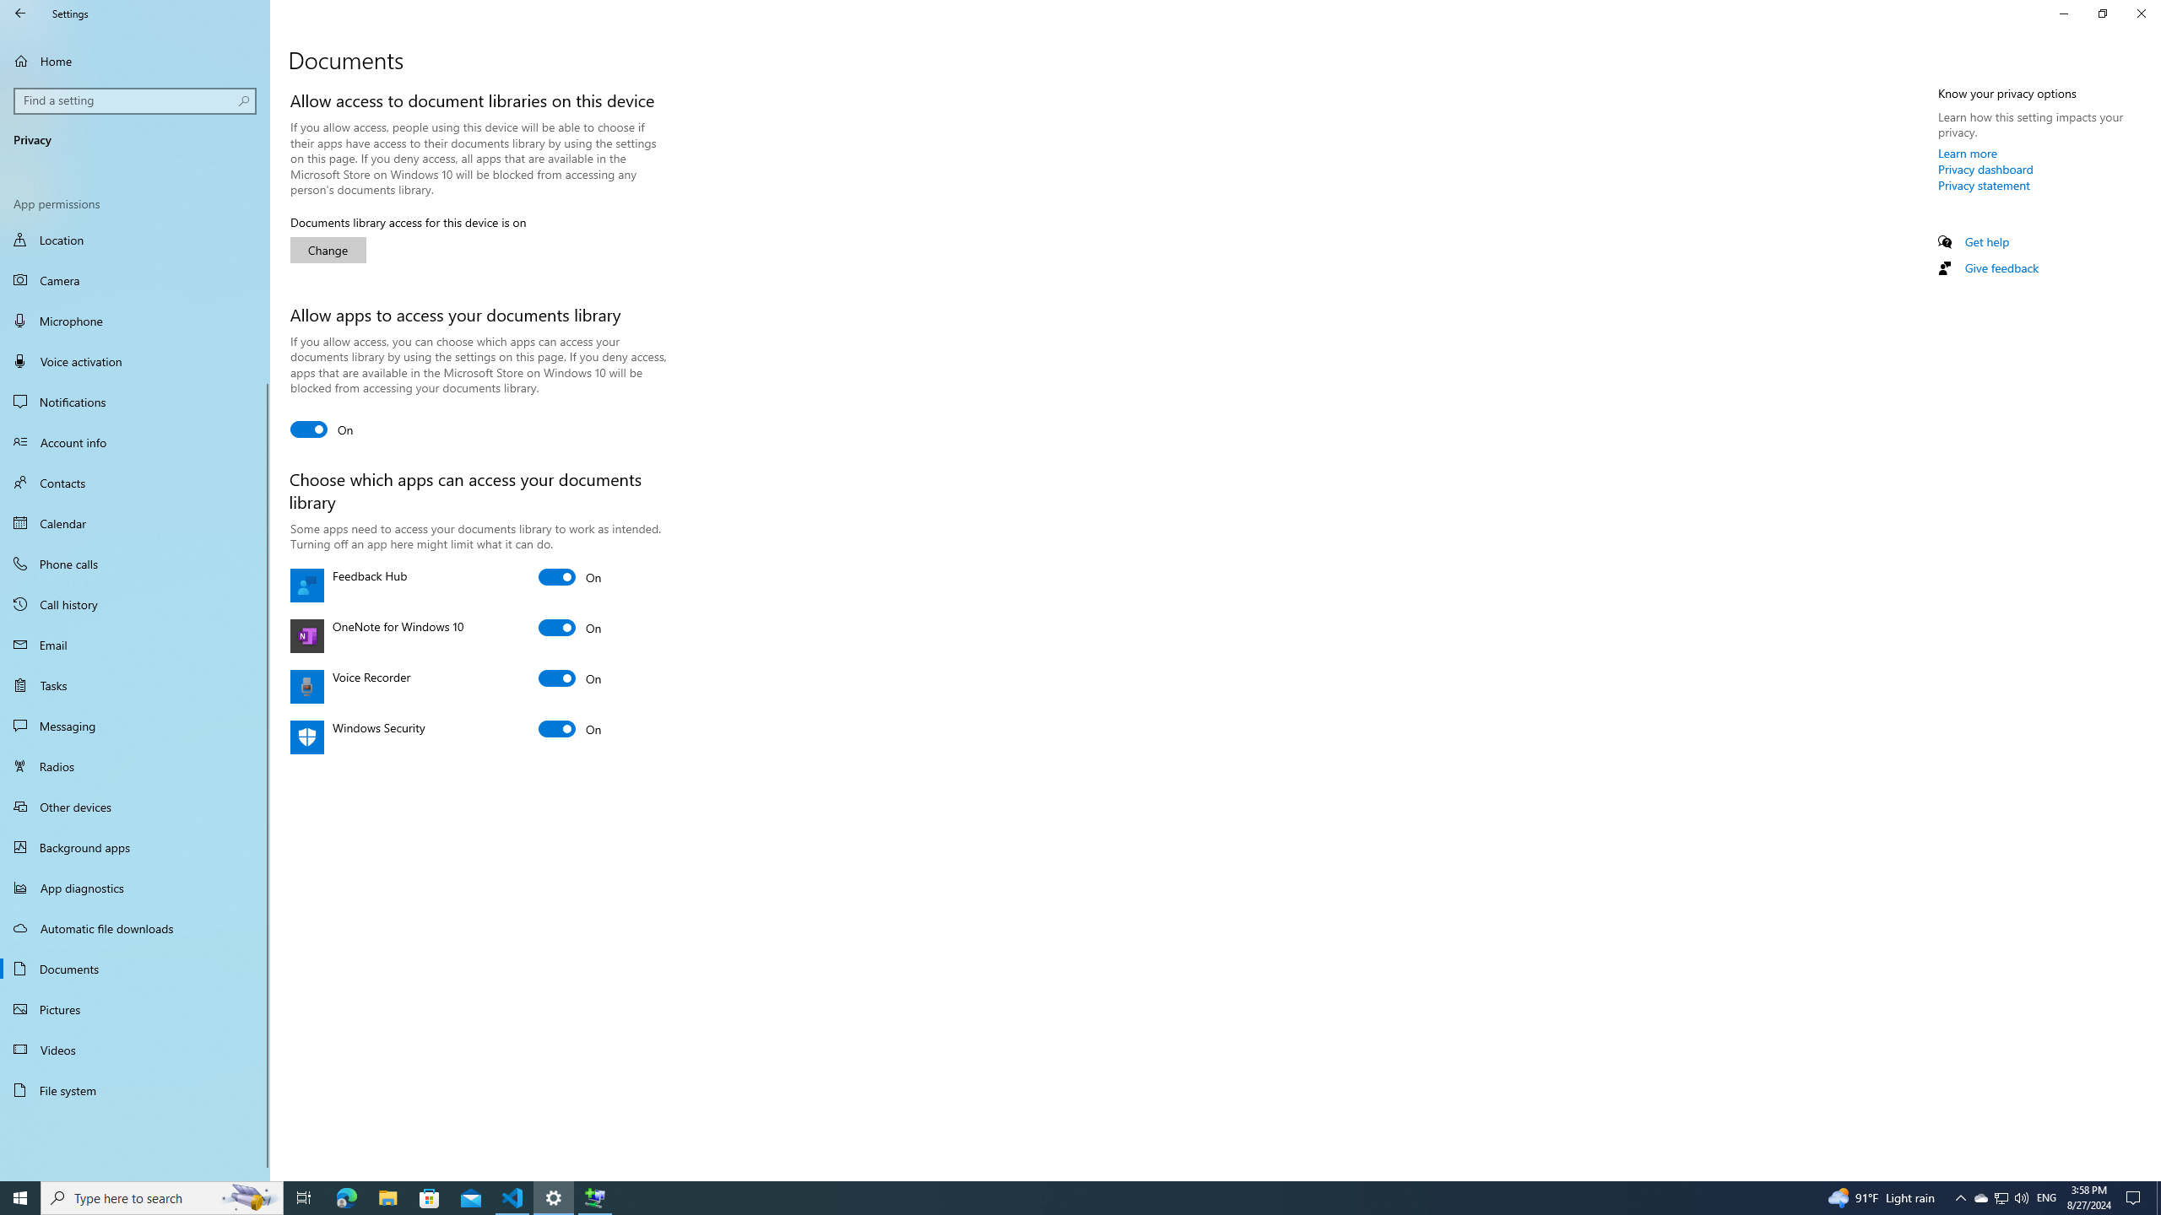 This screenshot has height=1215, width=2161. I want to click on 'File system', so click(134, 1089).